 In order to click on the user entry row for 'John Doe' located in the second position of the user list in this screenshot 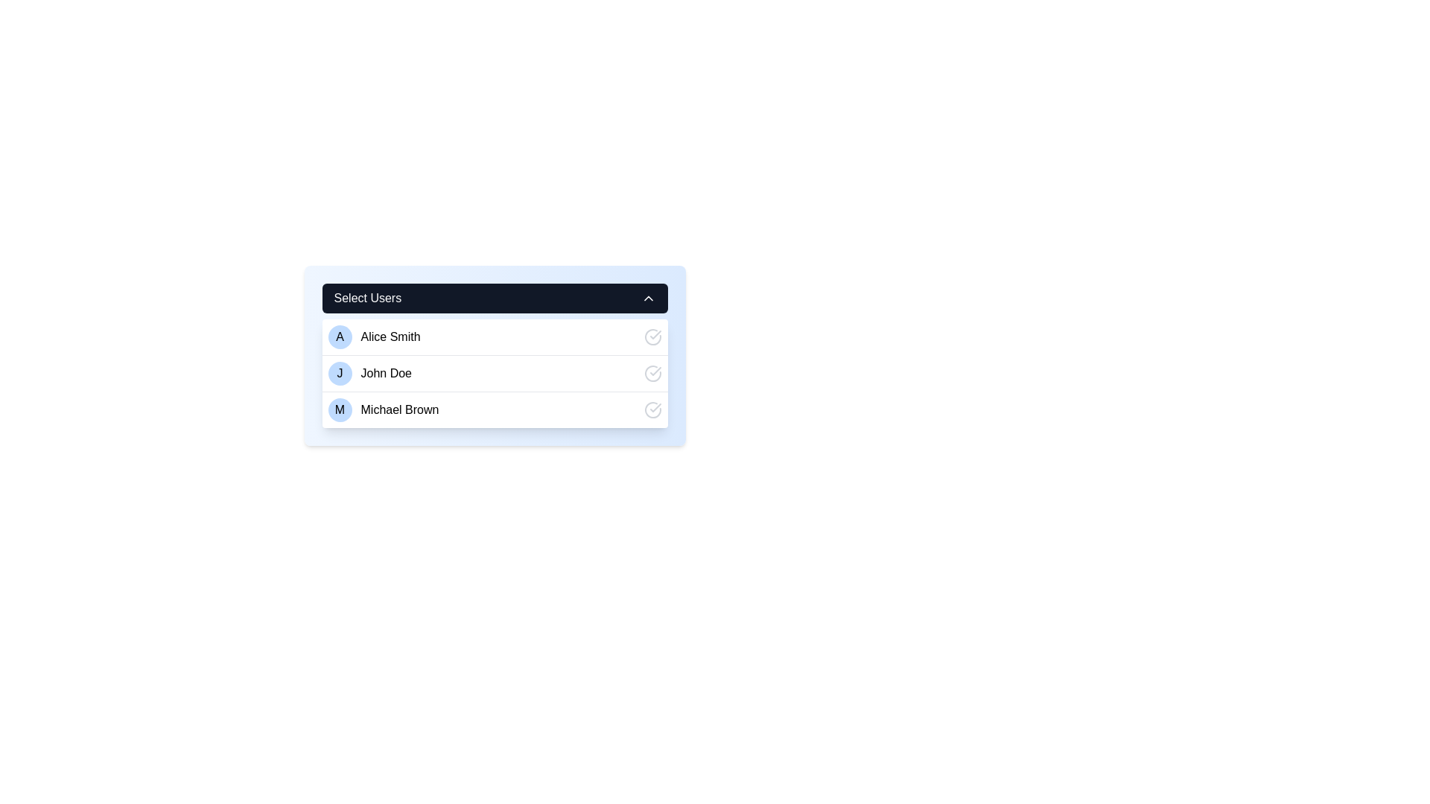, I will do `click(369, 372)`.